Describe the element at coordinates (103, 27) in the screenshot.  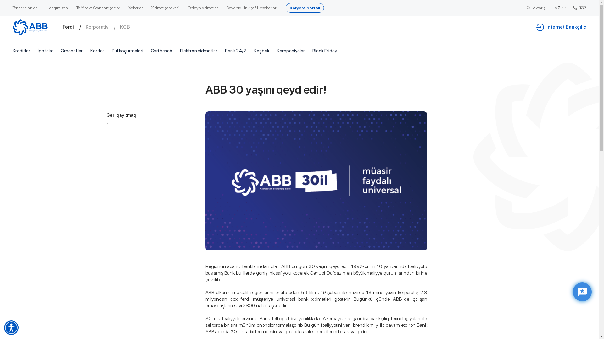
I see `'Korporativ'` at that location.